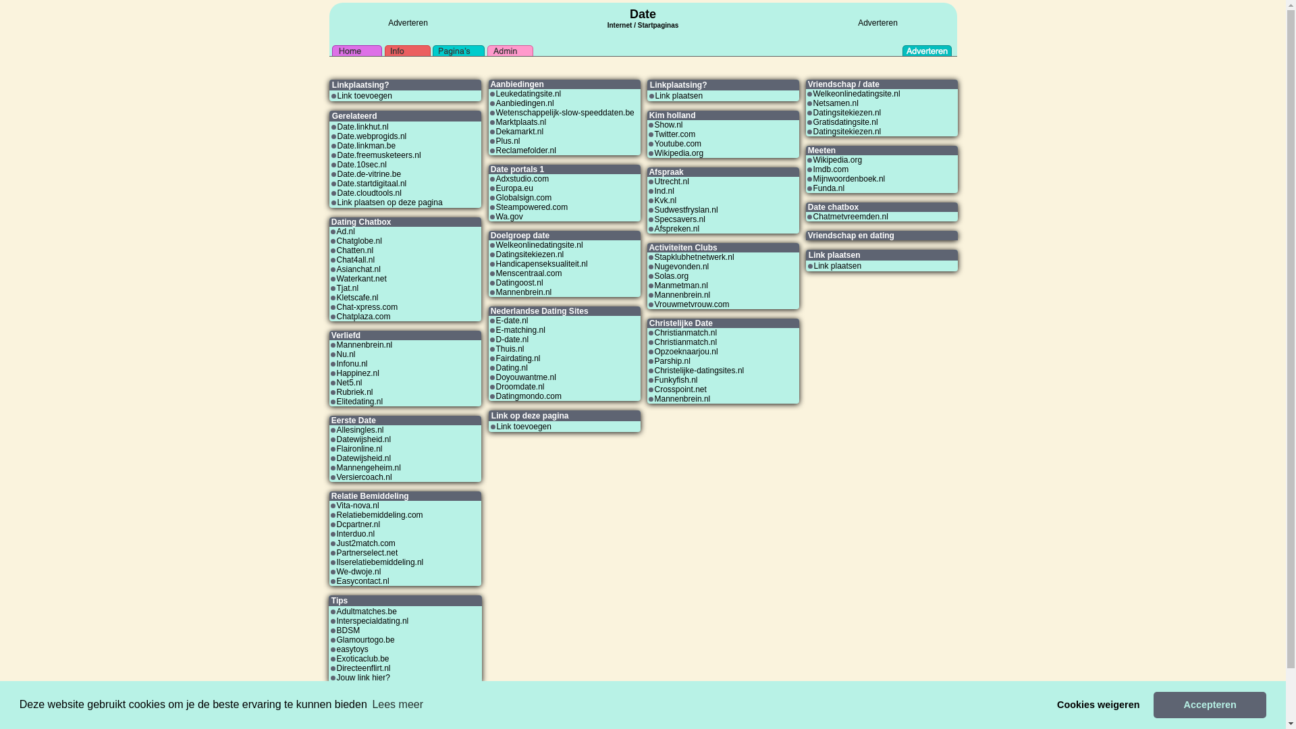 The width and height of the screenshot is (1296, 729). Describe the element at coordinates (397, 704) in the screenshot. I see `'Lees meer'` at that location.